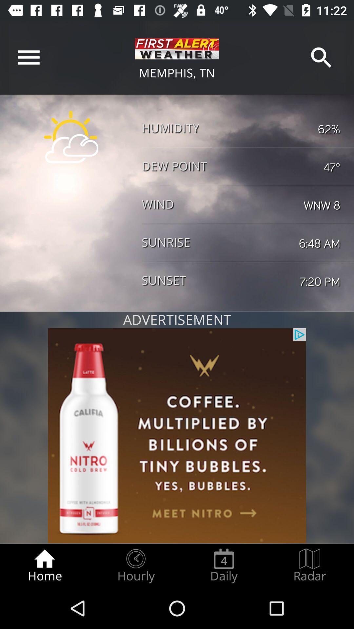 This screenshot has height=629, width=354. Describe the element at coordinates (310, 565) in the screenshot. I see `radar radio button` at that location.